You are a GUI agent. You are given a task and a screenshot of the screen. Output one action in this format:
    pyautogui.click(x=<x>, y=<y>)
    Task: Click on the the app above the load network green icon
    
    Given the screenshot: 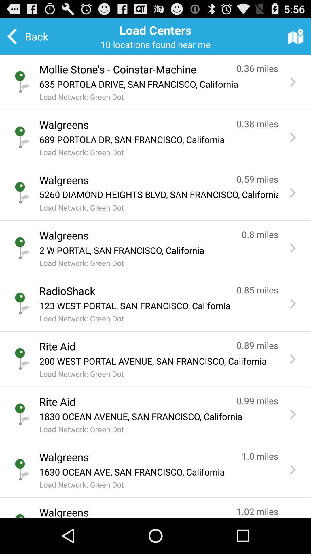 What is the action you would take?
    pyautogui.click(x=159, y=250)
    